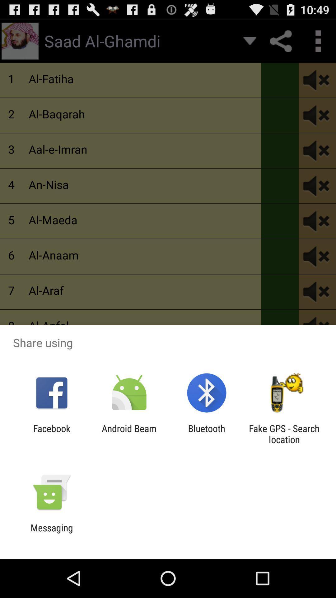 The width and height of the screenshot is (336, 598). What do you see at coordinates (51, 434) in the screenshot?
I see `icon to the left of android beam app` at bounding box center [51, 434].